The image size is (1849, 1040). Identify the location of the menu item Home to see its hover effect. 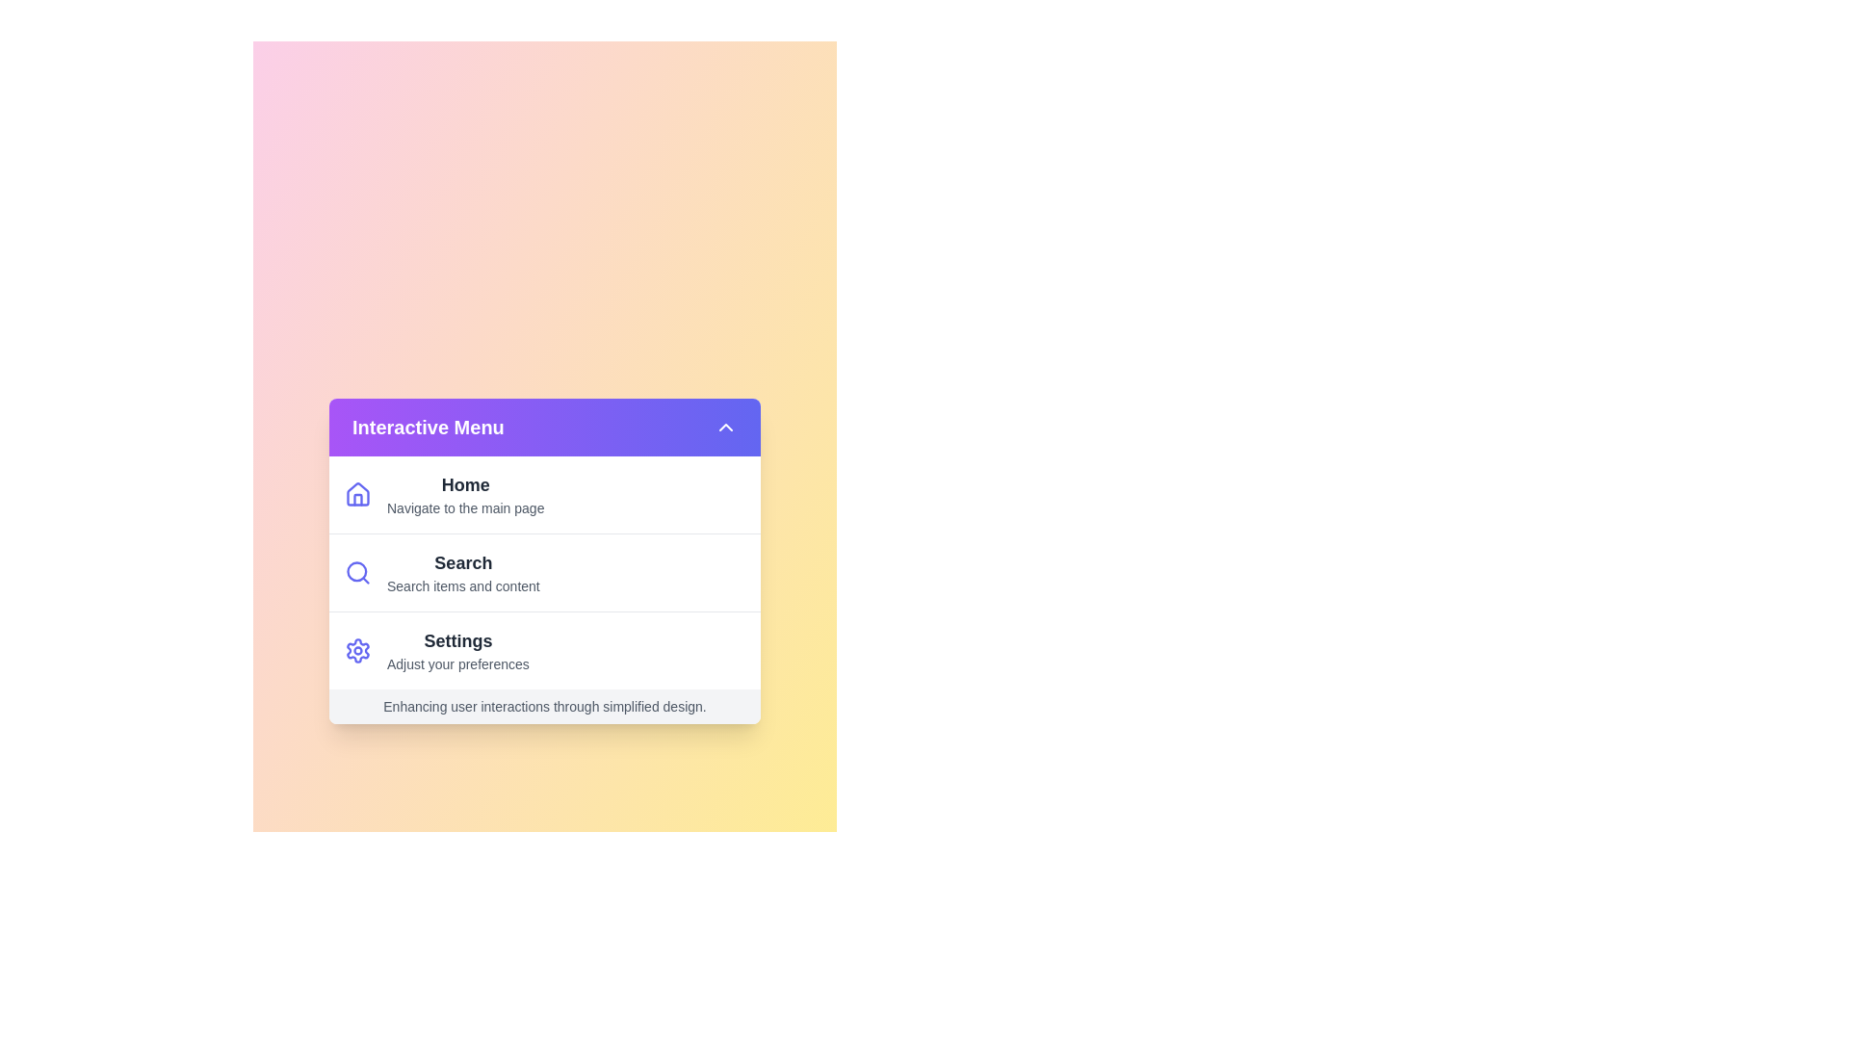
(544, 493).